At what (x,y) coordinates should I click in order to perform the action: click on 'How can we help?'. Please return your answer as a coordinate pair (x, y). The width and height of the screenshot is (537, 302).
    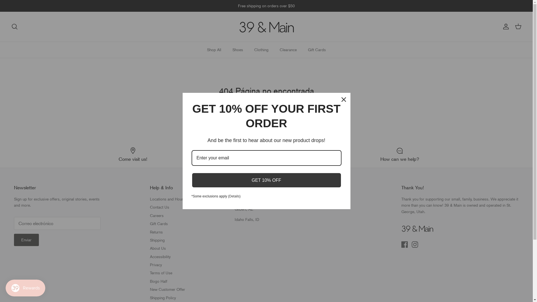
    Looking at the image, I should click on (399, 154).